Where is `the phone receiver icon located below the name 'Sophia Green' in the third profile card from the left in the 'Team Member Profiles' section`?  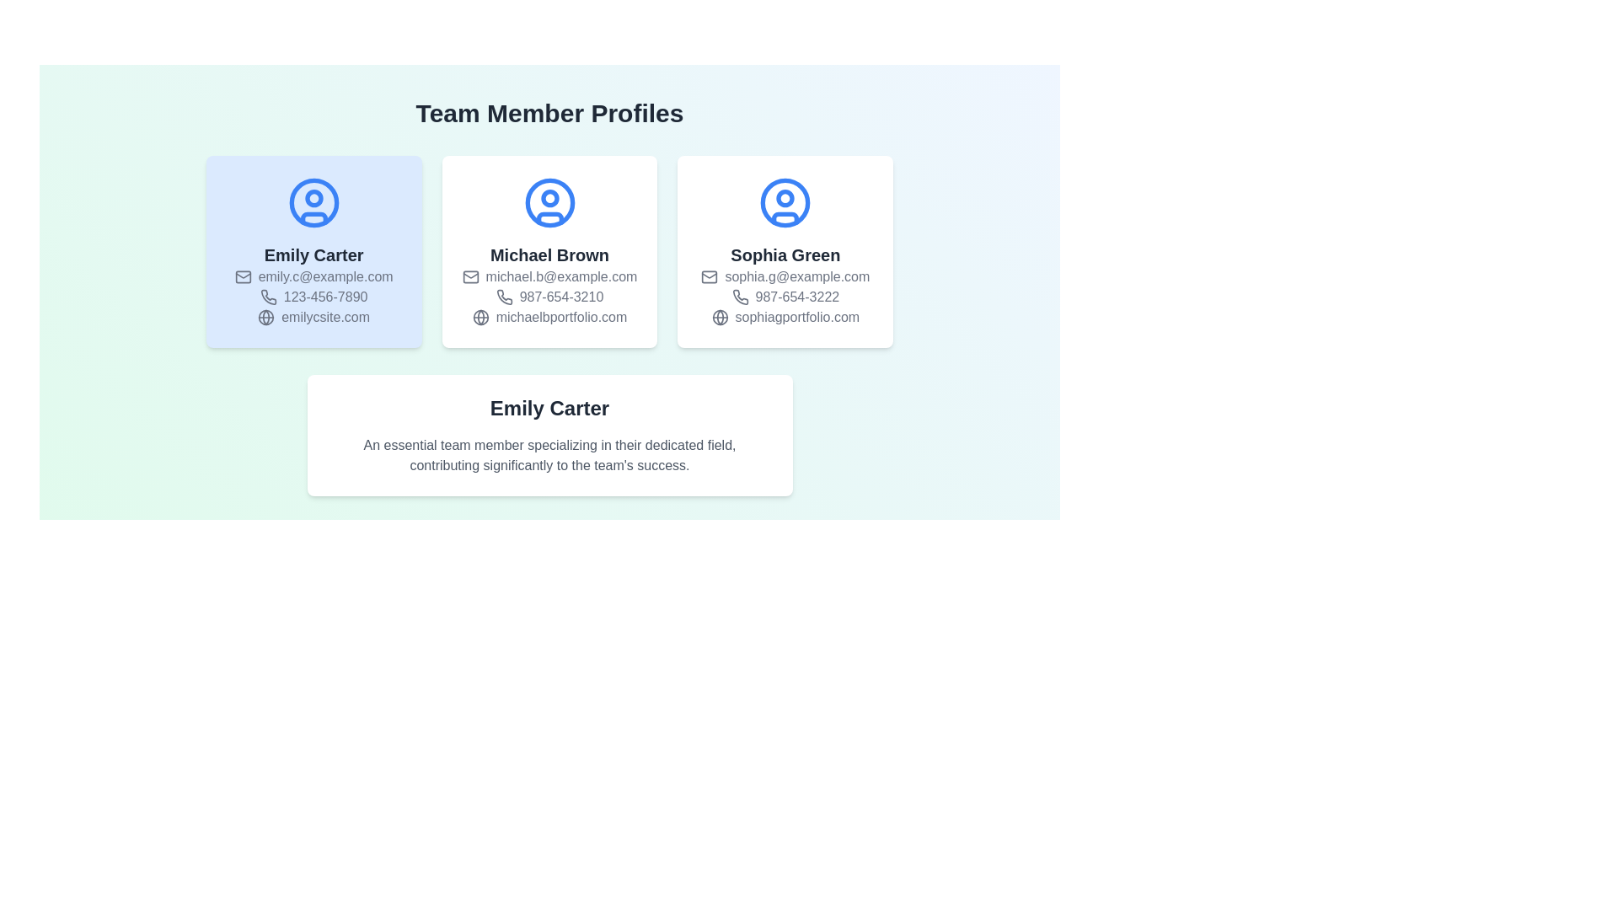
the phone receiver icon located below the name 'Sophia Green' in the third profile card from the left in the 'Team Member Profiles' section is located at coordinates (740, 296).